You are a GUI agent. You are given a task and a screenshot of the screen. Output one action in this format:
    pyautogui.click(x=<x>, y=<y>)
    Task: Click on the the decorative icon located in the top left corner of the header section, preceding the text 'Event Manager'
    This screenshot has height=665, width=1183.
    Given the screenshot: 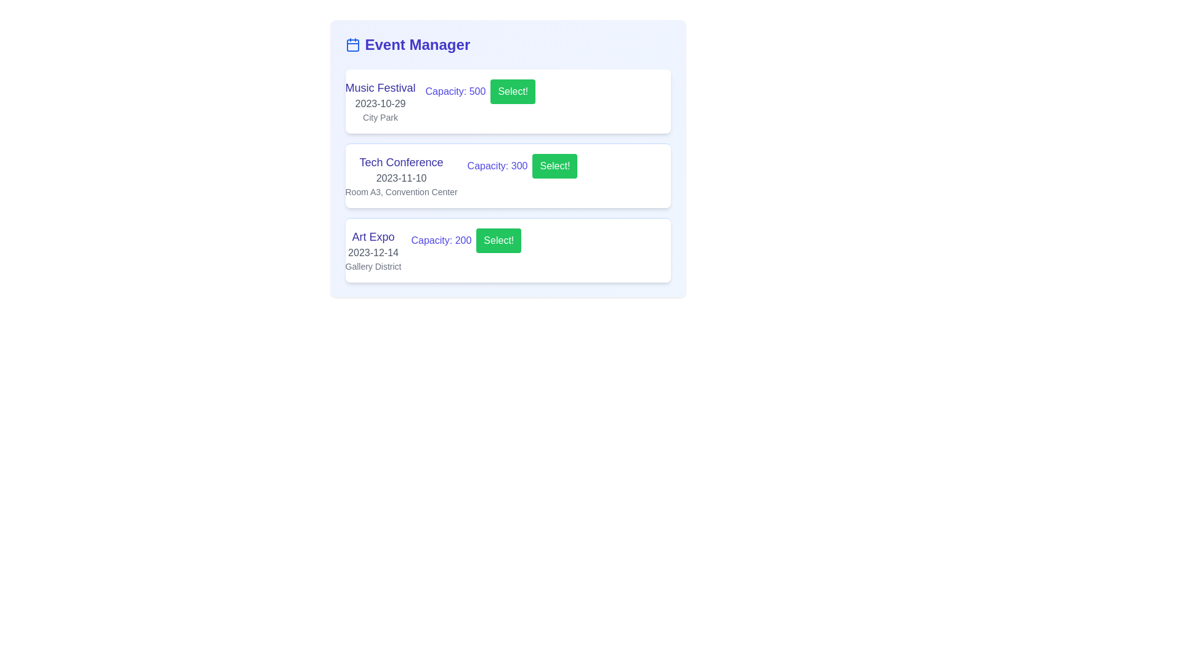 What is the action you would take?
    pyautogui.click(x=352, y=44)
    